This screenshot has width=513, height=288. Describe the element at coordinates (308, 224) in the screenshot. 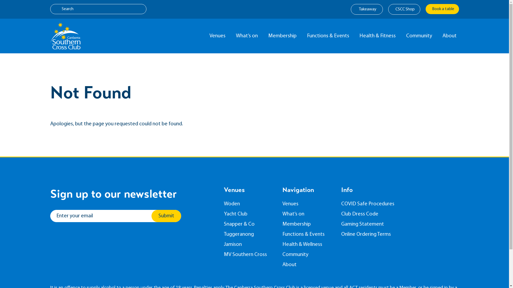

I see `'Membership'` at that location.